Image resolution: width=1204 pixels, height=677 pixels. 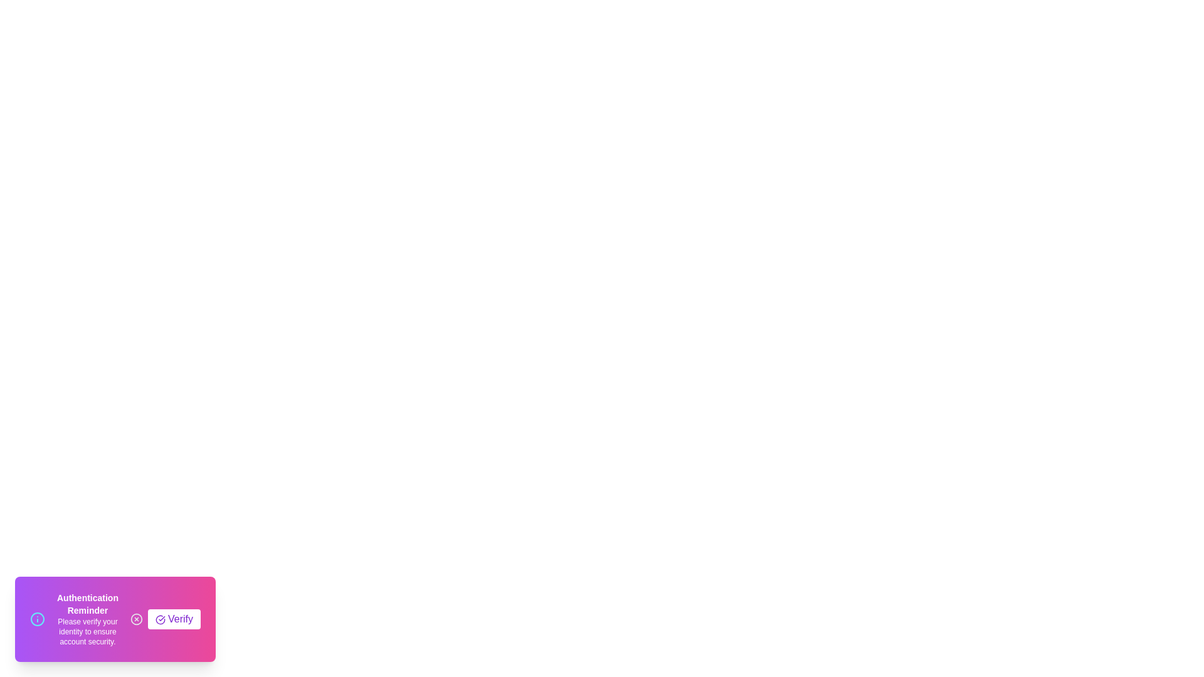 I want to click on the information icon to examine its details, so click(x=37, y=618).